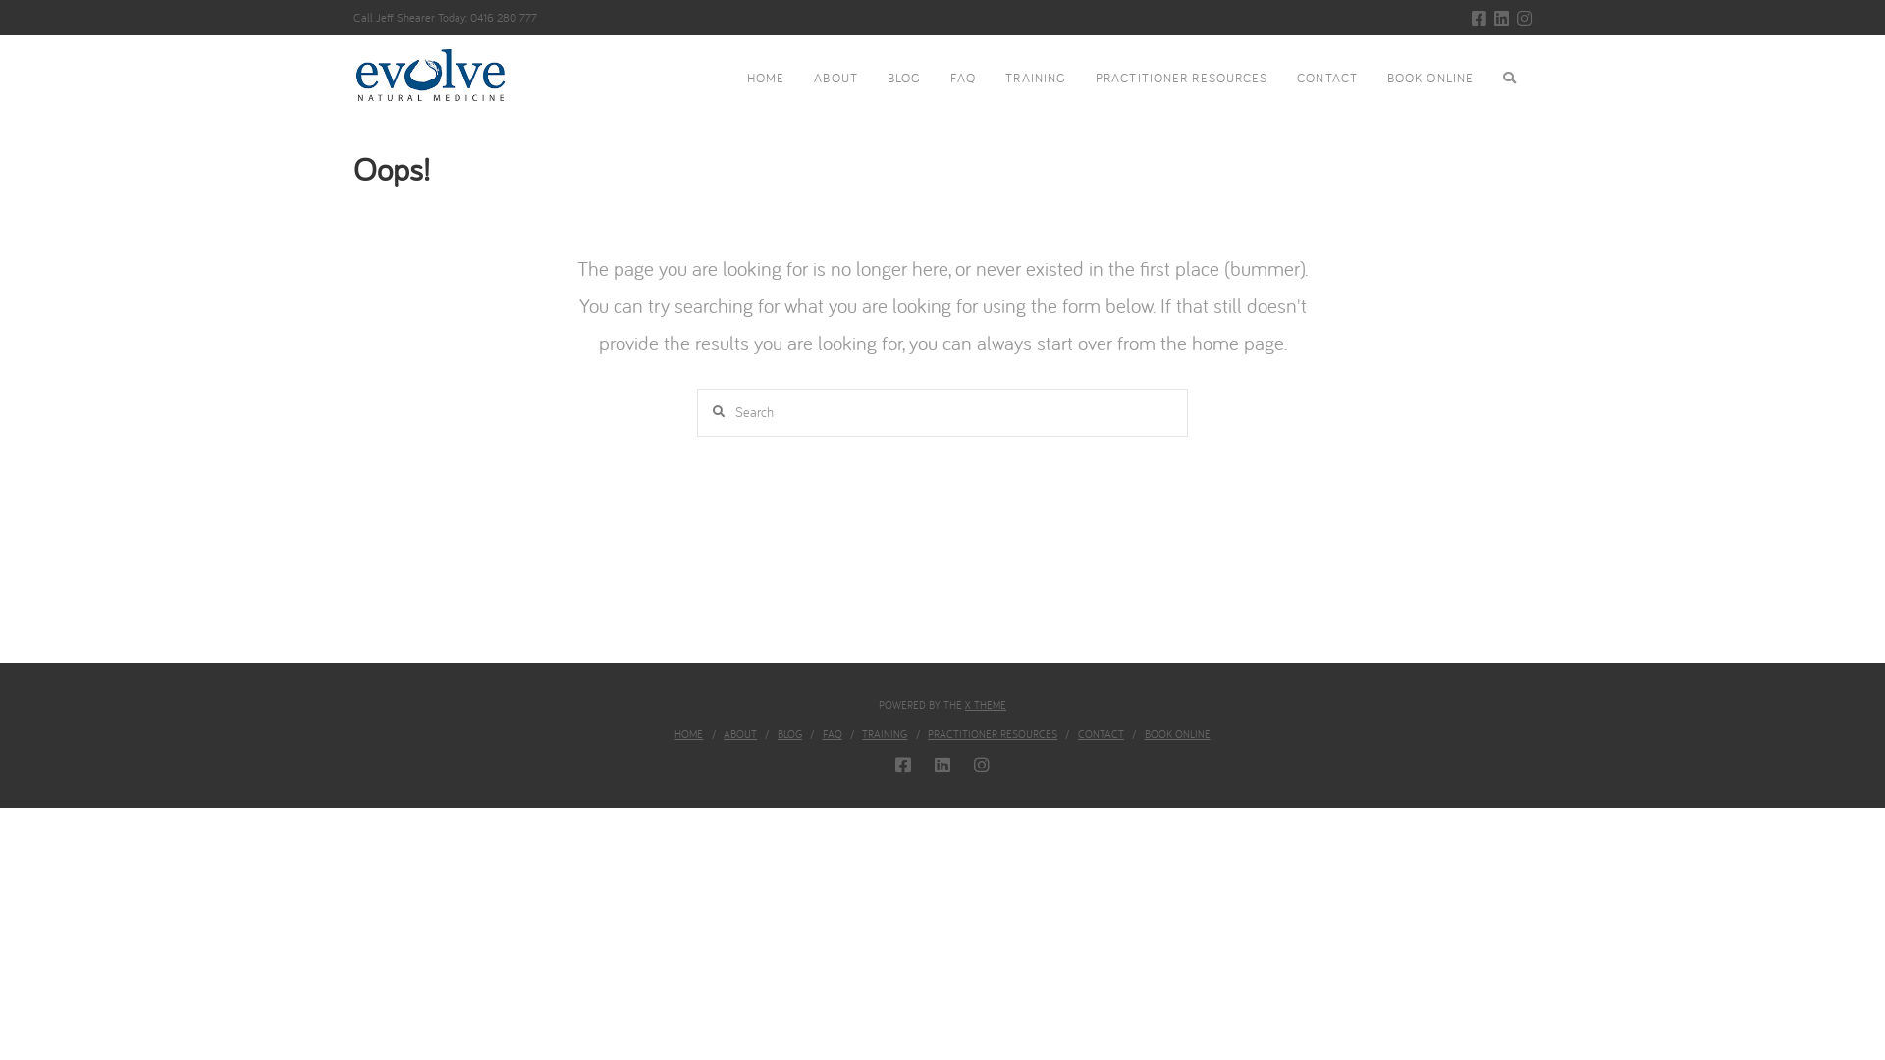 The width and height of the screenshot is (1885, 1060). Describe the element at coordinates (1492, 18) in the screenshot. I see `'LinkedIn'` at that location.